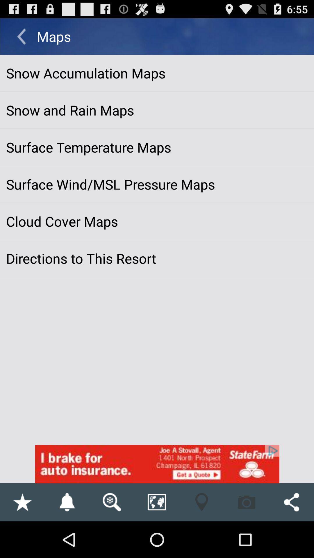  Describe the element at coordinates (247, 537) in the screenshot. I see `the photo icon` at that location.